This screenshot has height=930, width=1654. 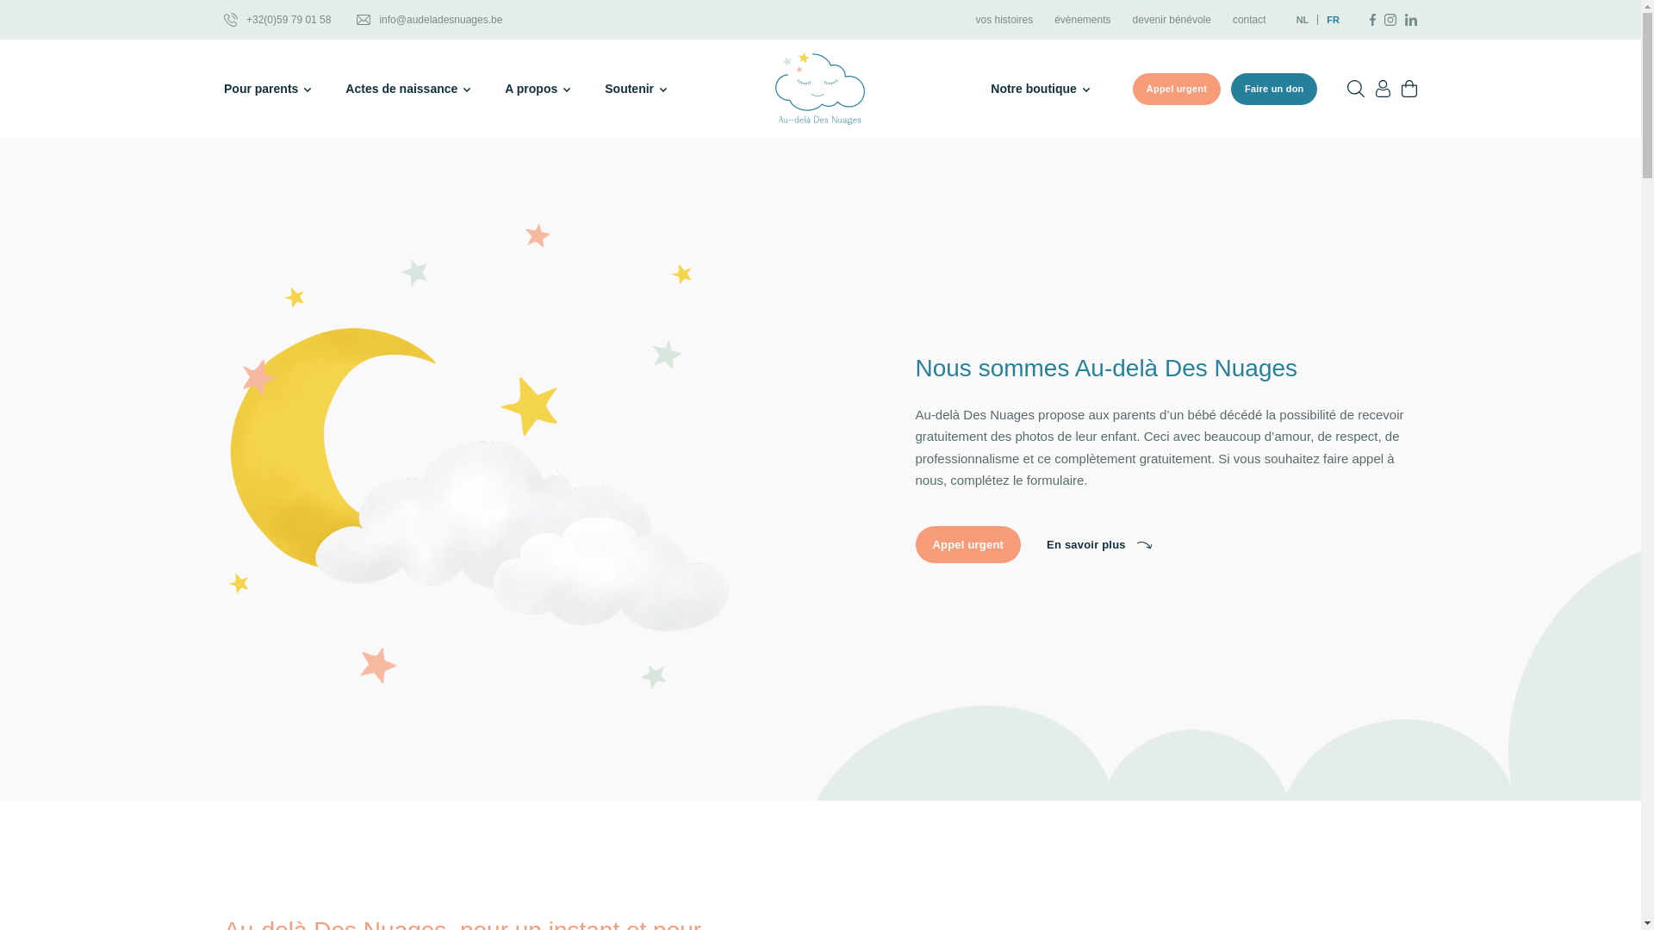 I want to click on 'FR', so click(x=1328, y=20).